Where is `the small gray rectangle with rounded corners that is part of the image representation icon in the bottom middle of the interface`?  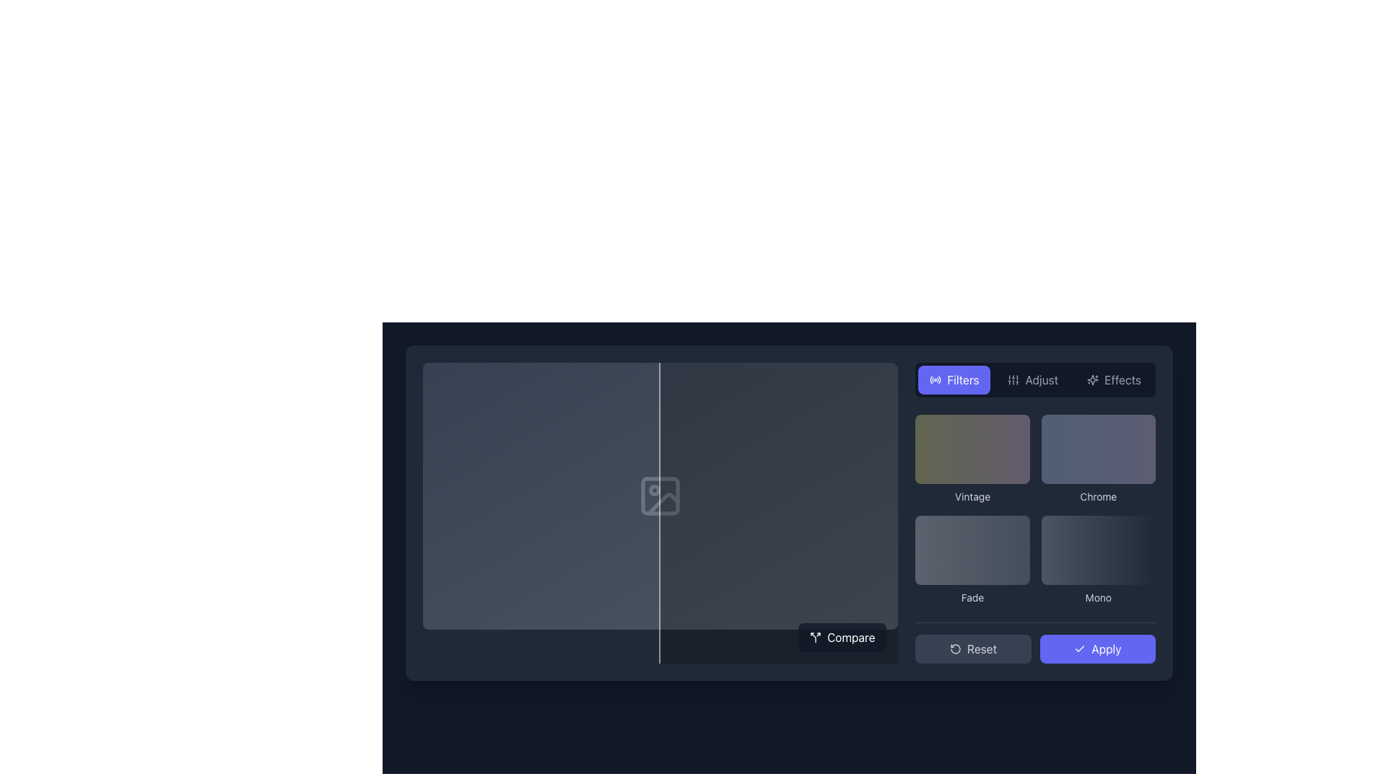 the small gray rectangle with rounded corners that is part of the image representation icon in the bottom middle of the interface is located at coordinates (660, 496).